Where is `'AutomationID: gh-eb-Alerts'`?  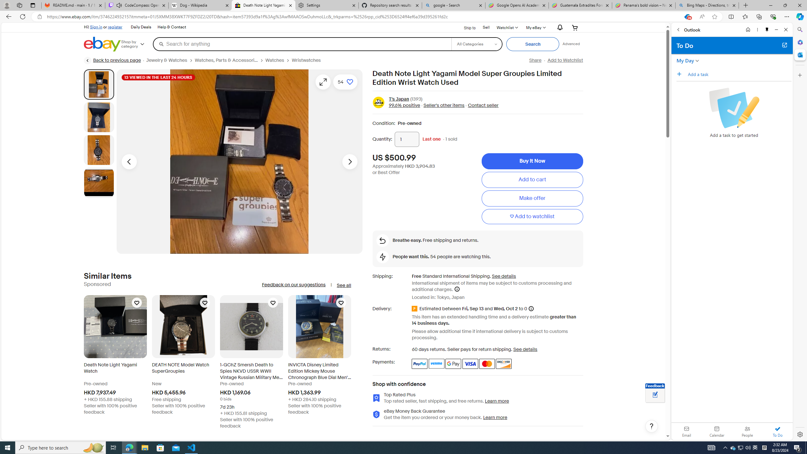 'AutomationID: gh-eb-Alerts' is located at coordinates (559, 27).